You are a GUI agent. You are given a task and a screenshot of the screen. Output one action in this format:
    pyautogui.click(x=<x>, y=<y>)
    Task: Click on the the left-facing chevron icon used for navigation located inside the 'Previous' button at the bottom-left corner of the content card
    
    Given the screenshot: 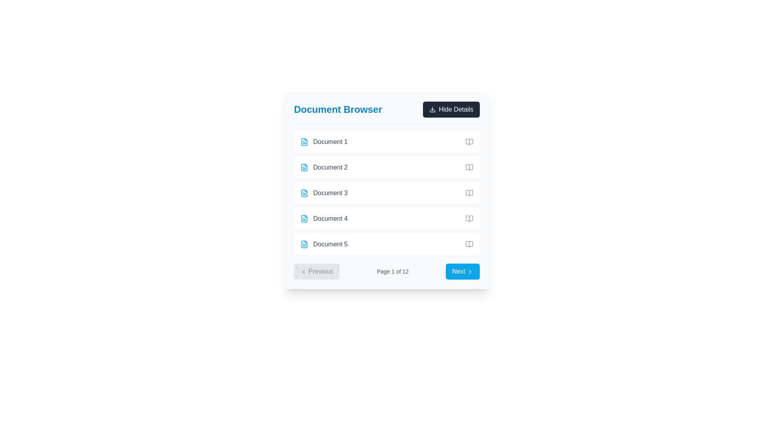 What is the action you would take?
    pyautogui.click(x=303, y=271)
    